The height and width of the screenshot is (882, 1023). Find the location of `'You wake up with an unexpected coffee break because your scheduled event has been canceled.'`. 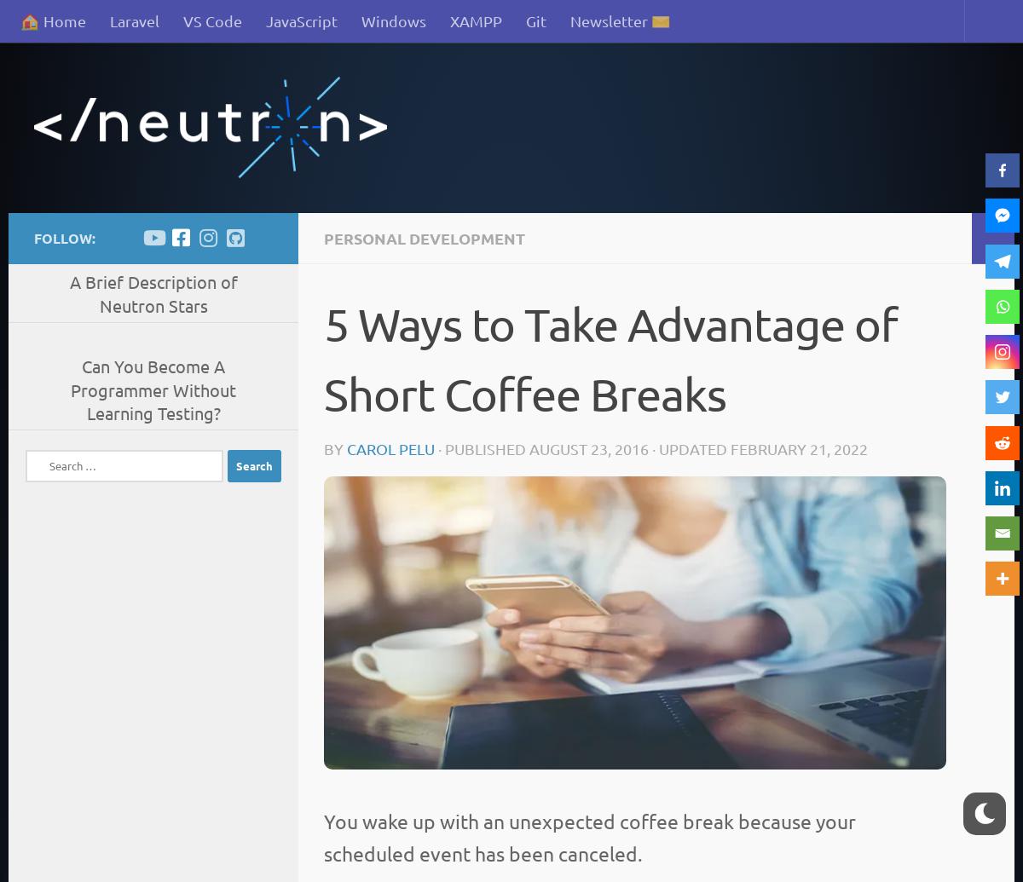

'You wake up with an unexpected coffee break because your scheduled event has been canceled.' is located at coordinates (590, 836).